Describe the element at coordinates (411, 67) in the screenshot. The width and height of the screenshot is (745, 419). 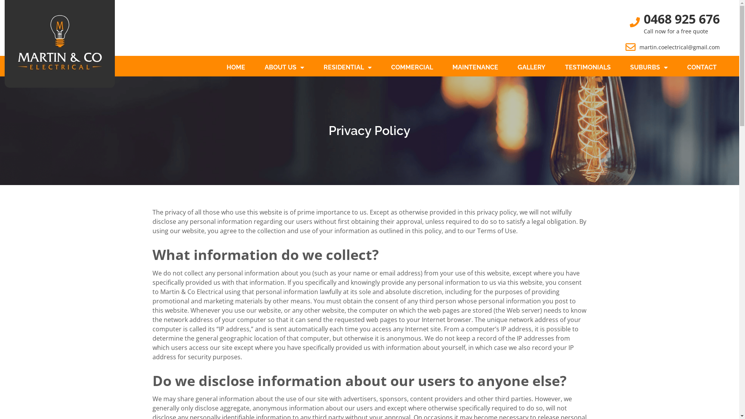
I see `'COMMERCIAL'` at that location.